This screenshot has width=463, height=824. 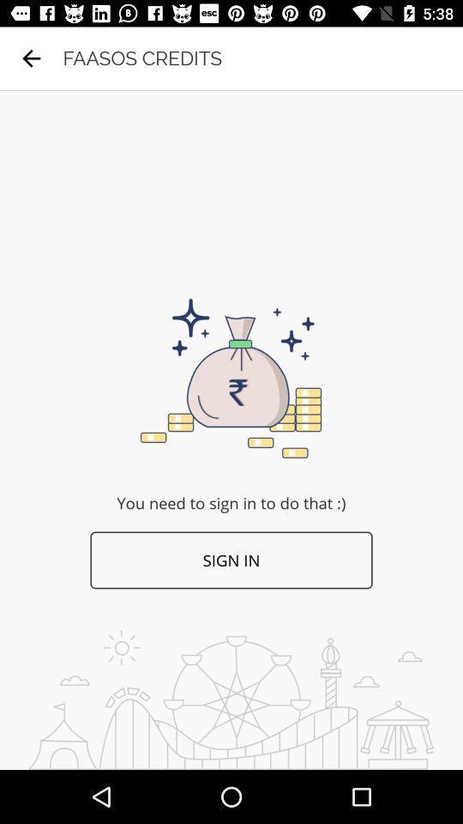 I want to click on the icon to the left of faasos credits icon, so click(x=31, y=58).